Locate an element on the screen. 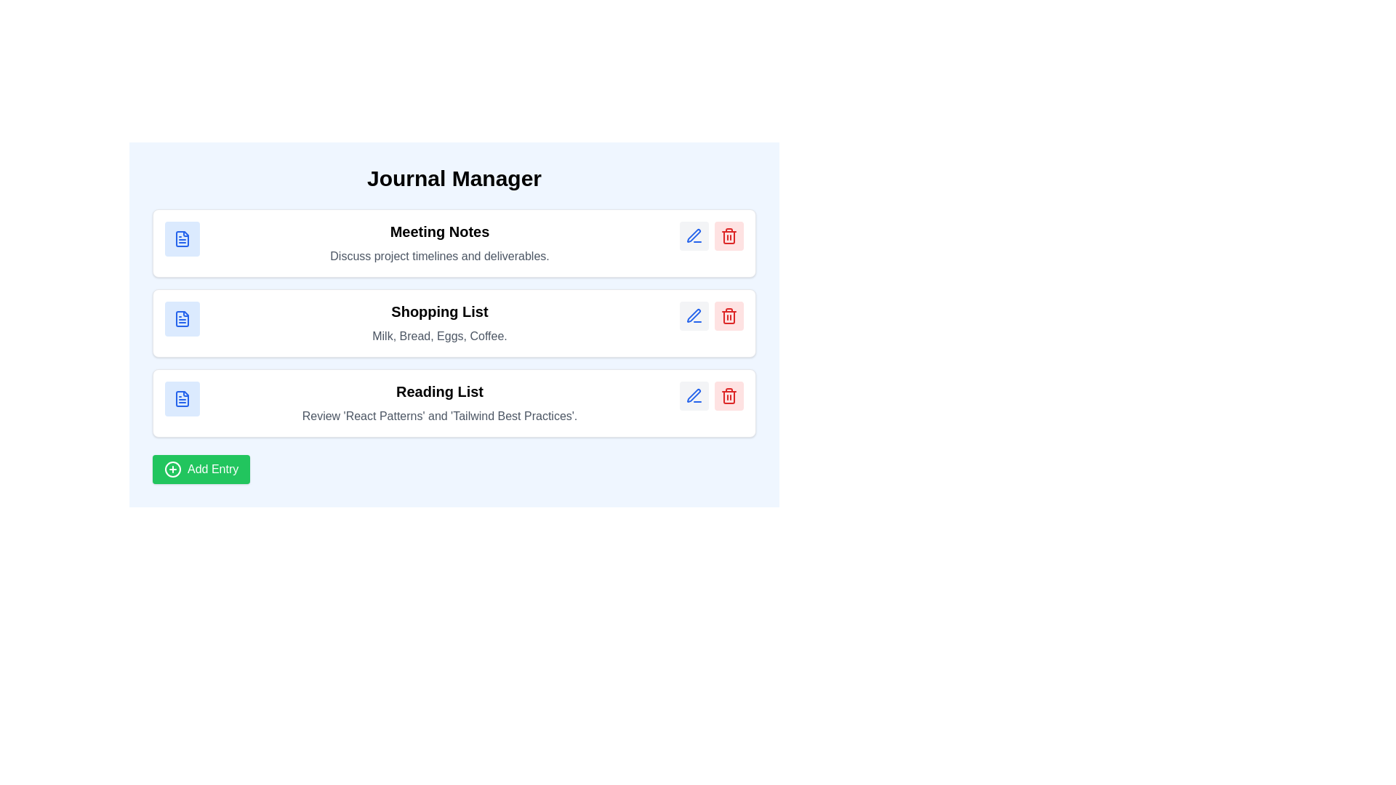 This screenshot has width=1396, height=785. the text block displaying the title and brief description of the first journal entry in the vertical list of cards, specifically the one titled 'Meeting Notes' is located at coordinates (438, 243).